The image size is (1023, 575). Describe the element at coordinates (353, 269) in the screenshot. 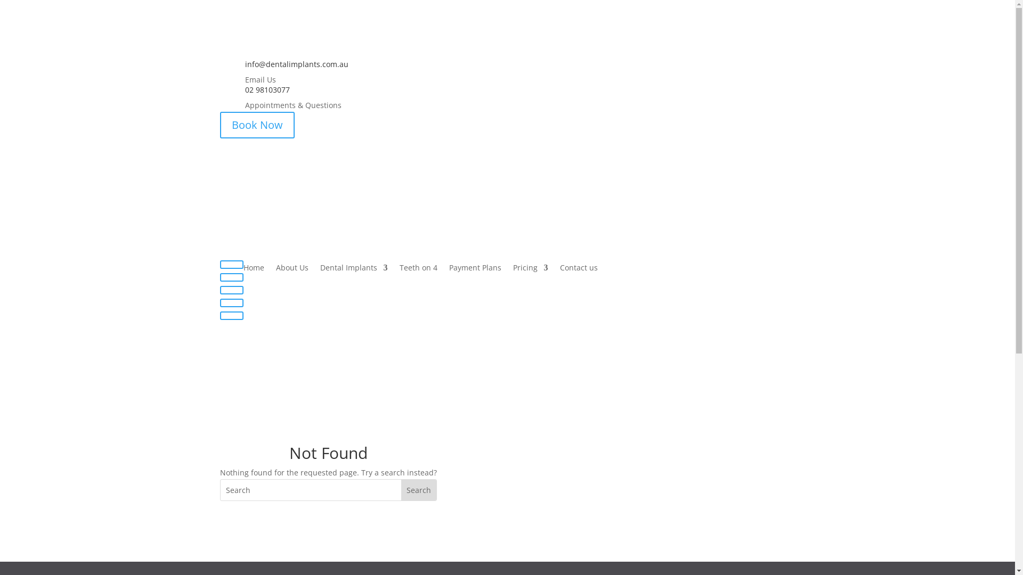

I see `'Dental Implants'` at that location.